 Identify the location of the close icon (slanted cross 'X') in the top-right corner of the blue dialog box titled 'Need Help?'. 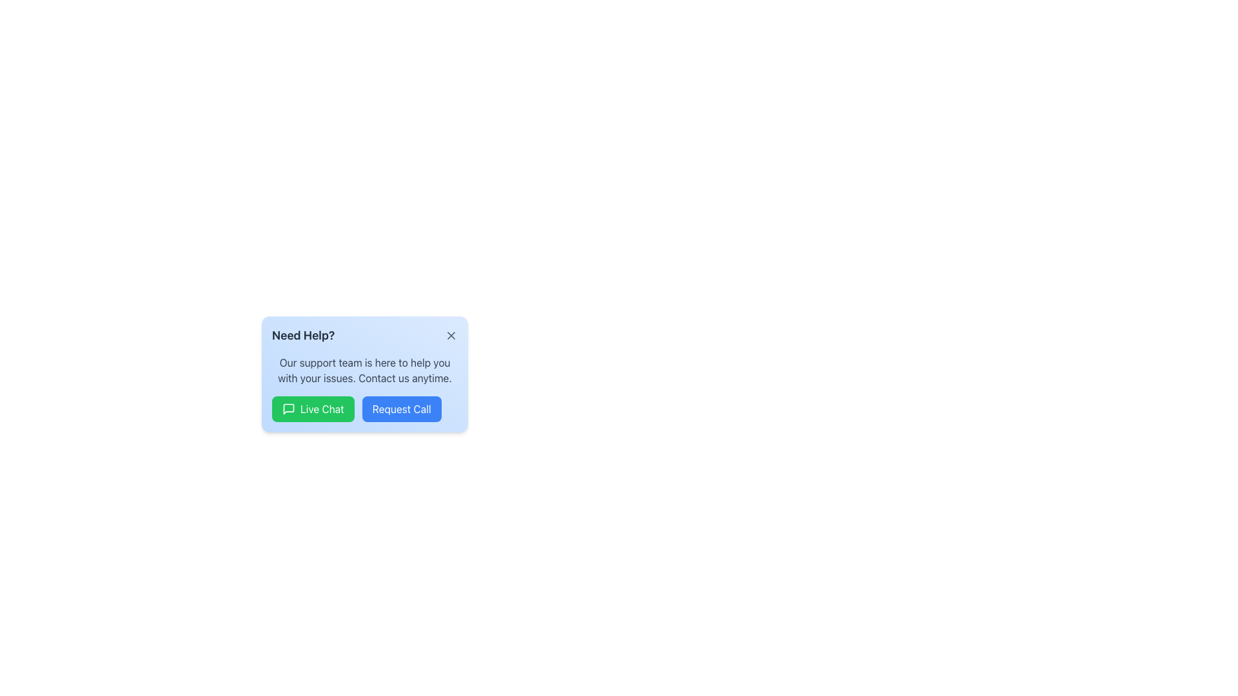
(451, 334).